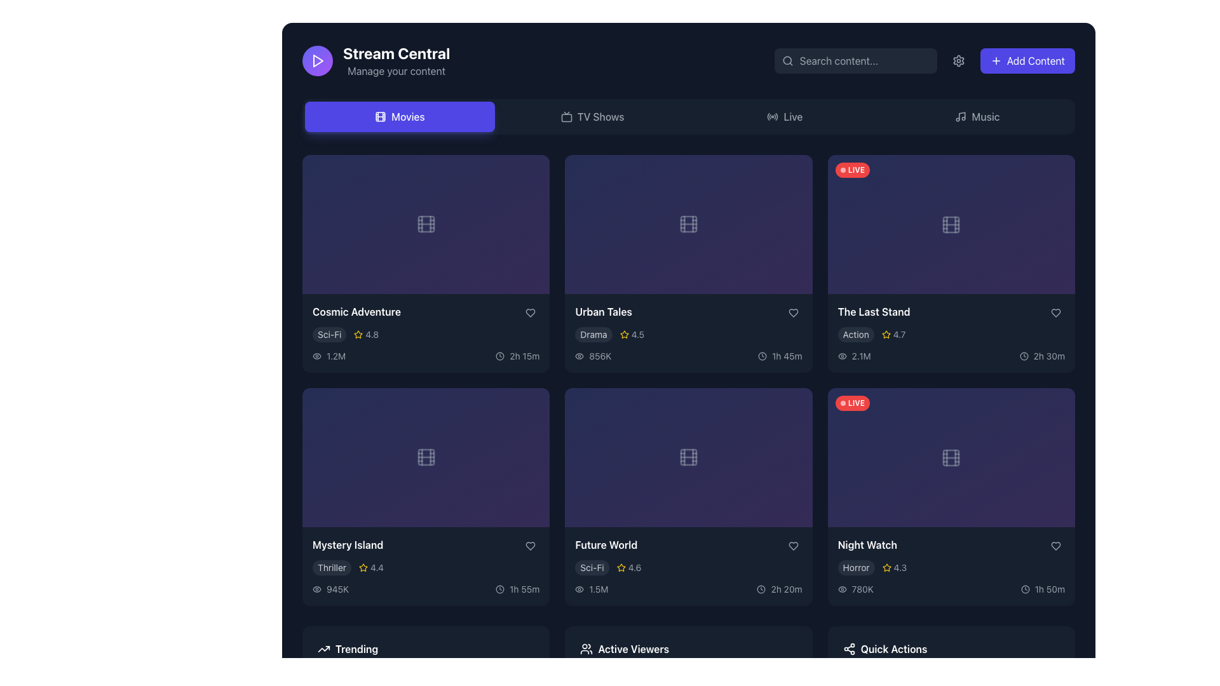  Describe the element at coordinates (426, 457) in the screenshot. I see `the content thumbnail for 'Mystery Island' located in the second row, first column of the grid layout in the 'Movies' section` at that location.